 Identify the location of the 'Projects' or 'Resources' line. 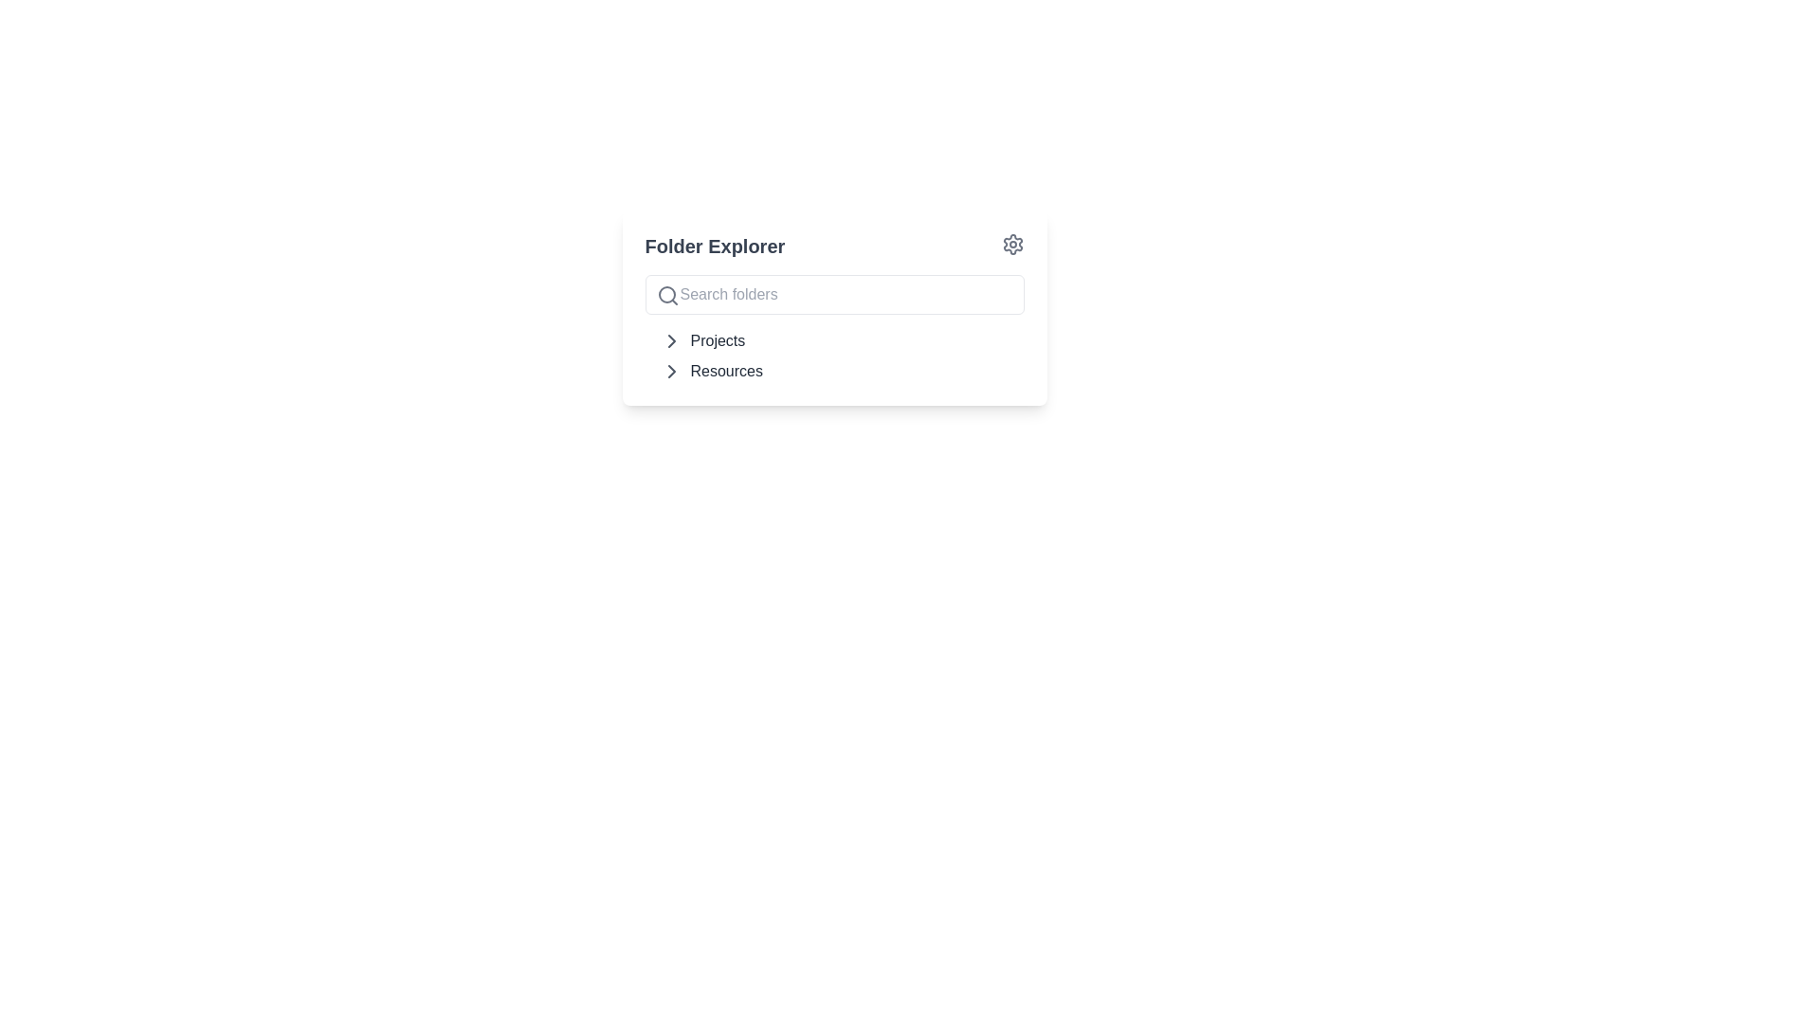
(841, 356).